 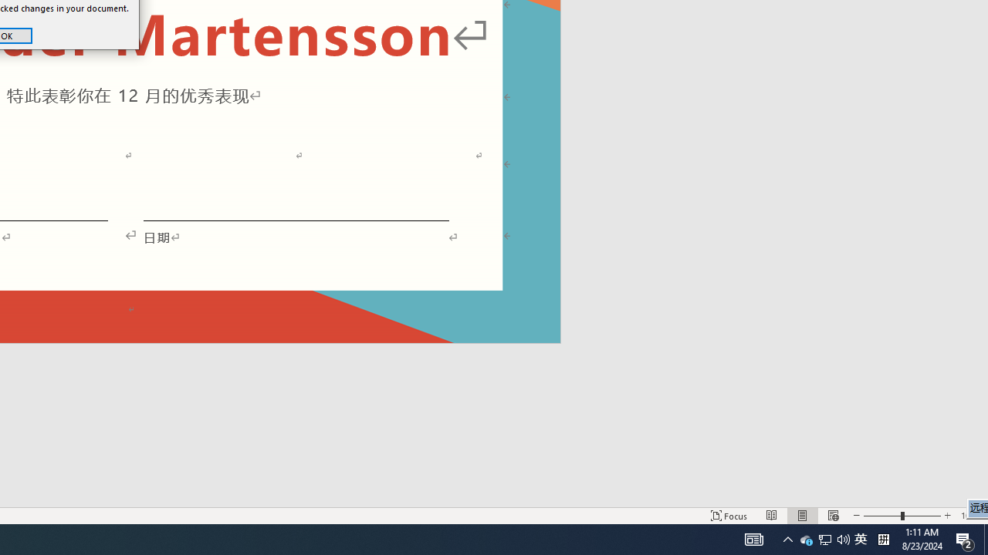 I want to click on 'Show desktop', so click(x=970, y=516).